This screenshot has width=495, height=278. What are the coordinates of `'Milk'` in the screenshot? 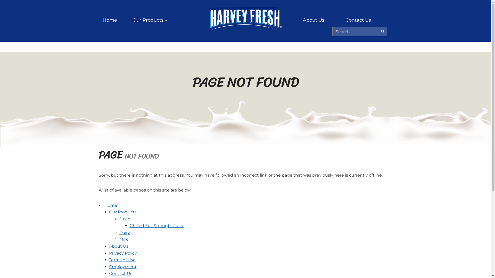 It's located at (123, 239).